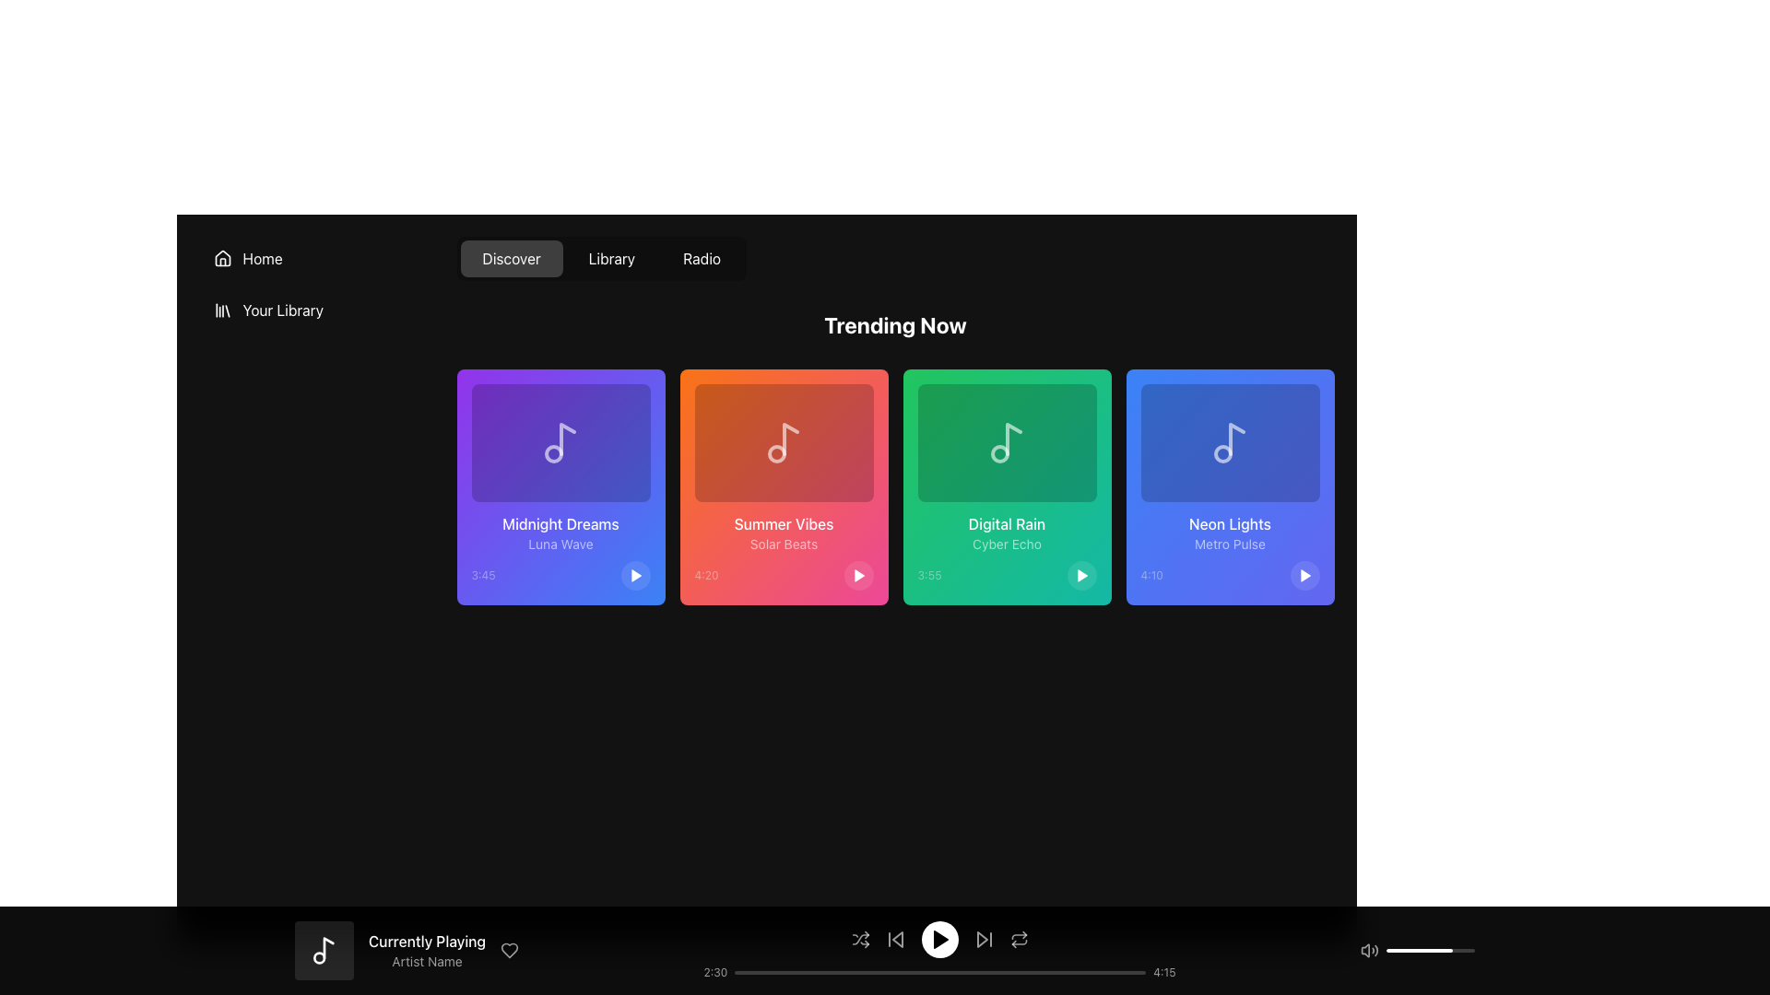 This screenshot has height=995, width=1770. What do you see at coordinates (1304, 574) in the screenshot?
I see `the play button icon located in the bottom-right corner of the 'Neon Lights' track card` at bounding box center [1304, 574].